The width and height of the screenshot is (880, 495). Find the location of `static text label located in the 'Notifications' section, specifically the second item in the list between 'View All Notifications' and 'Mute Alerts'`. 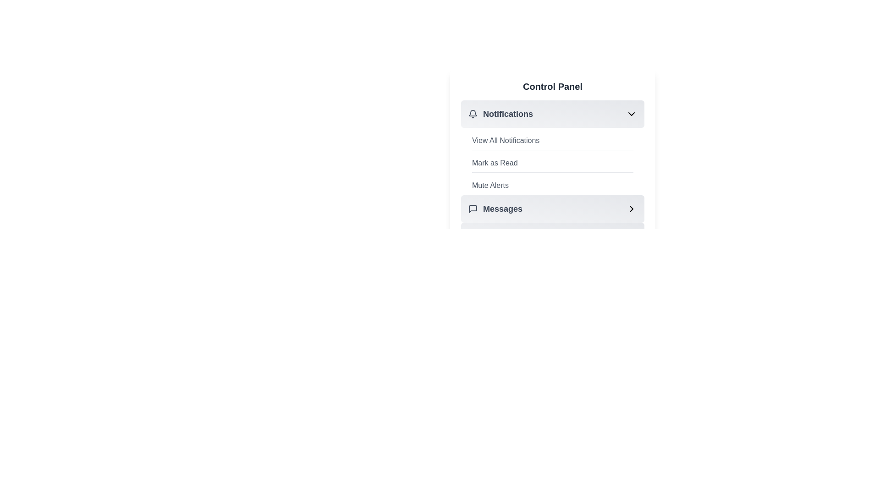

static text label located in the 'Notifications' section, specifically the second item in the list between 'View All Notifications' and 'Mute Alerts' is located at coordinates (494, 162).